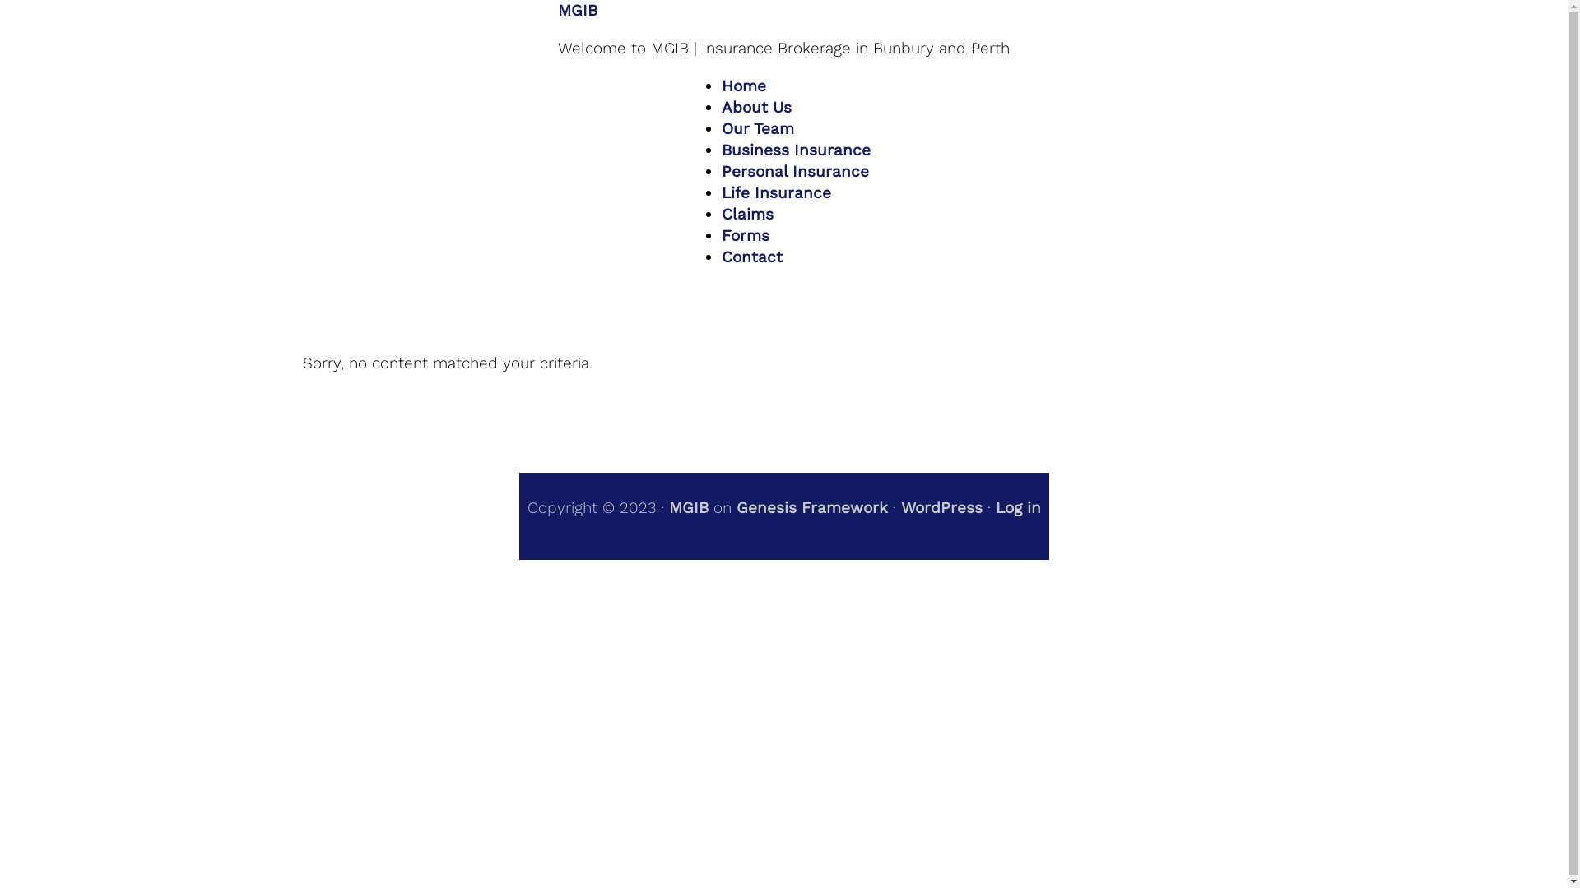 This screenshot has width=1580, height=888. Describe the element at coordinates (750, 257) in the screenshot. I see `'Contact'` at that location.